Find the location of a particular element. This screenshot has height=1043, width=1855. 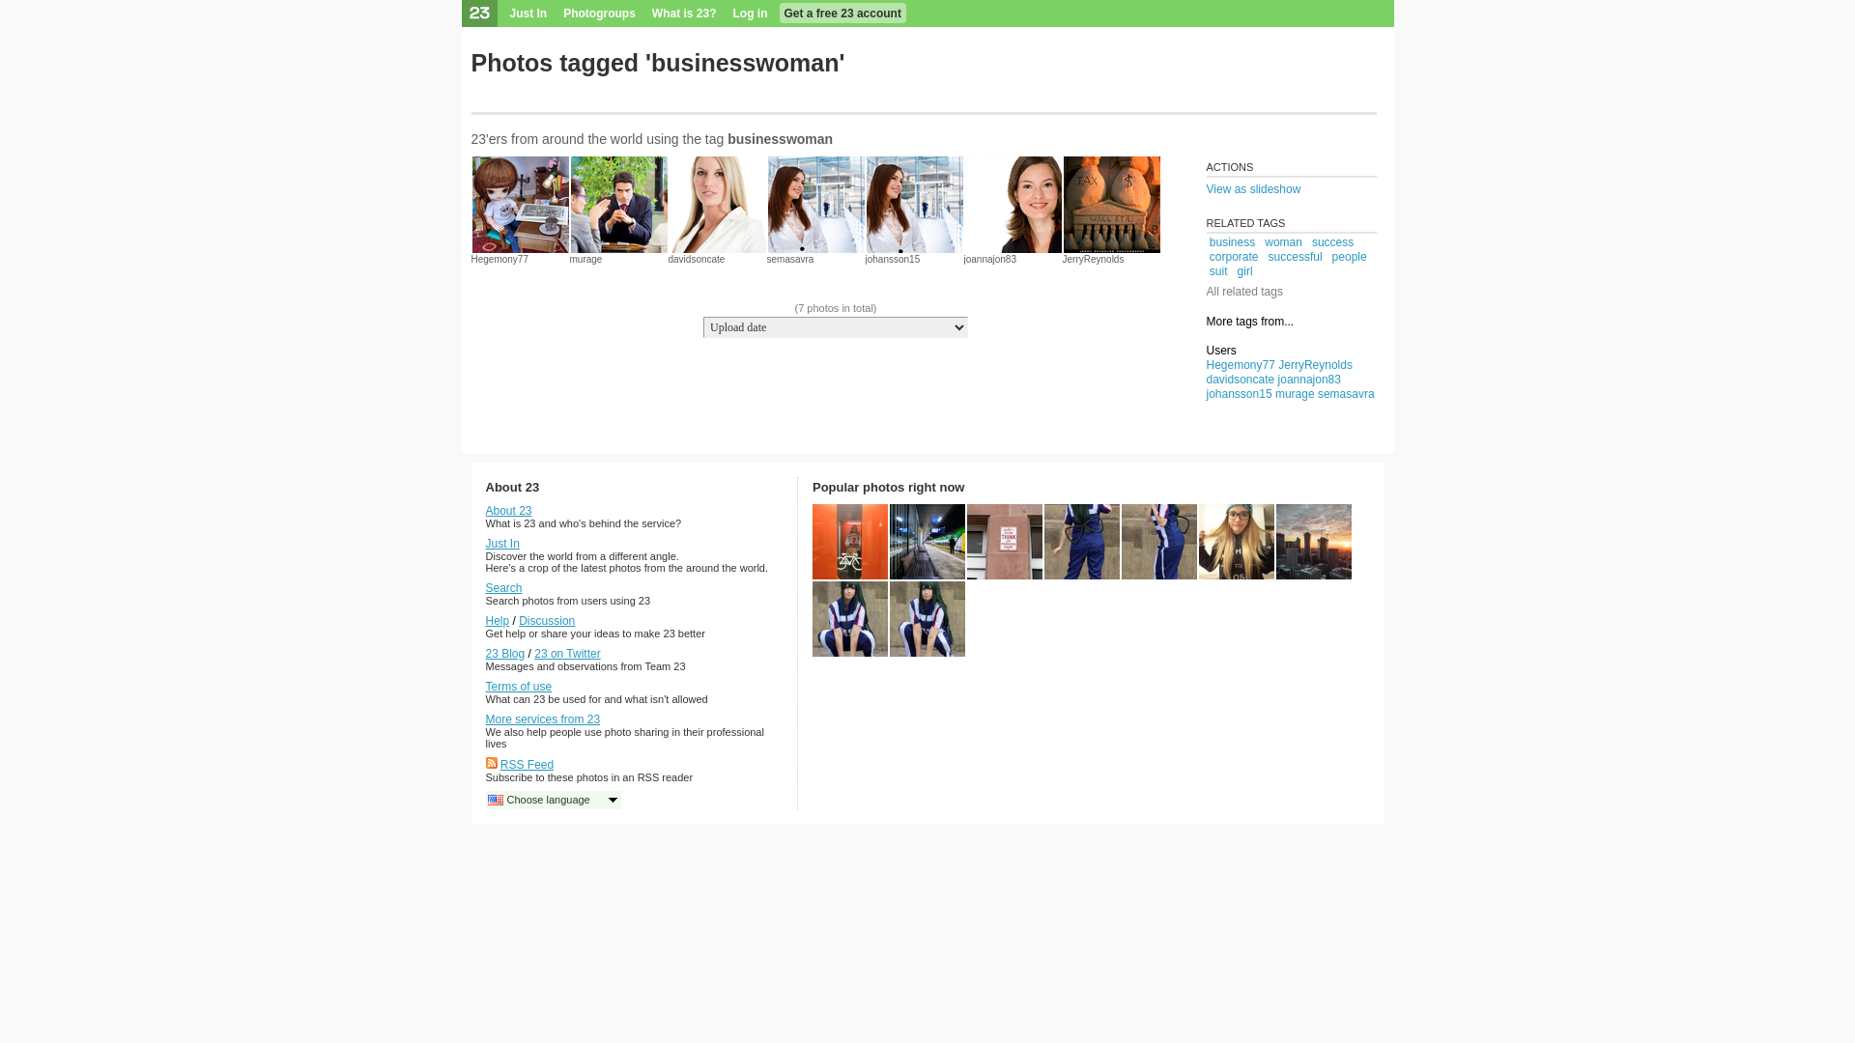

'corporate' is located at coordinates (1233, 256).